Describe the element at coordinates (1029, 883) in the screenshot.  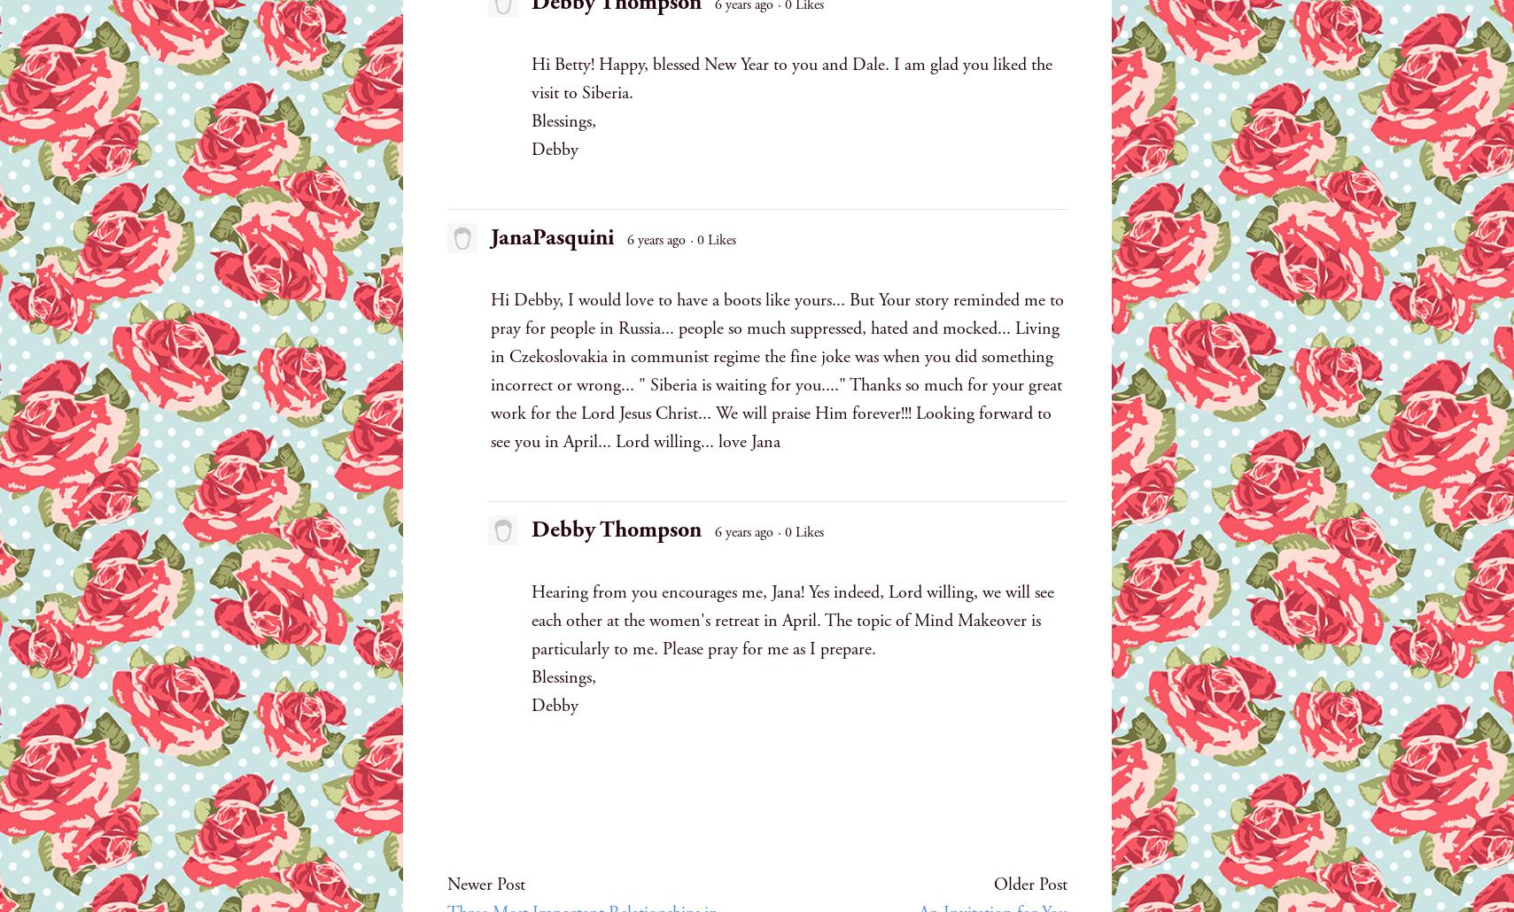
I see `'Older Post'` at that location.